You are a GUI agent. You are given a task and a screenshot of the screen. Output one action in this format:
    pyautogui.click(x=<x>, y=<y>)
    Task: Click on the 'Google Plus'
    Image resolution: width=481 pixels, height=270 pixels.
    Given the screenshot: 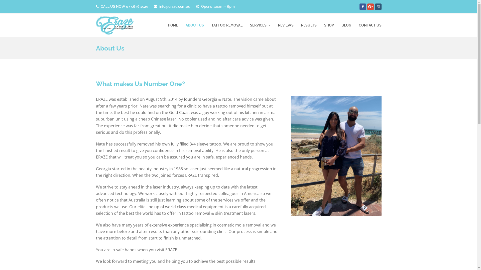 What is the action you would take?
    pyautogui.click(x=370, y=7)
    